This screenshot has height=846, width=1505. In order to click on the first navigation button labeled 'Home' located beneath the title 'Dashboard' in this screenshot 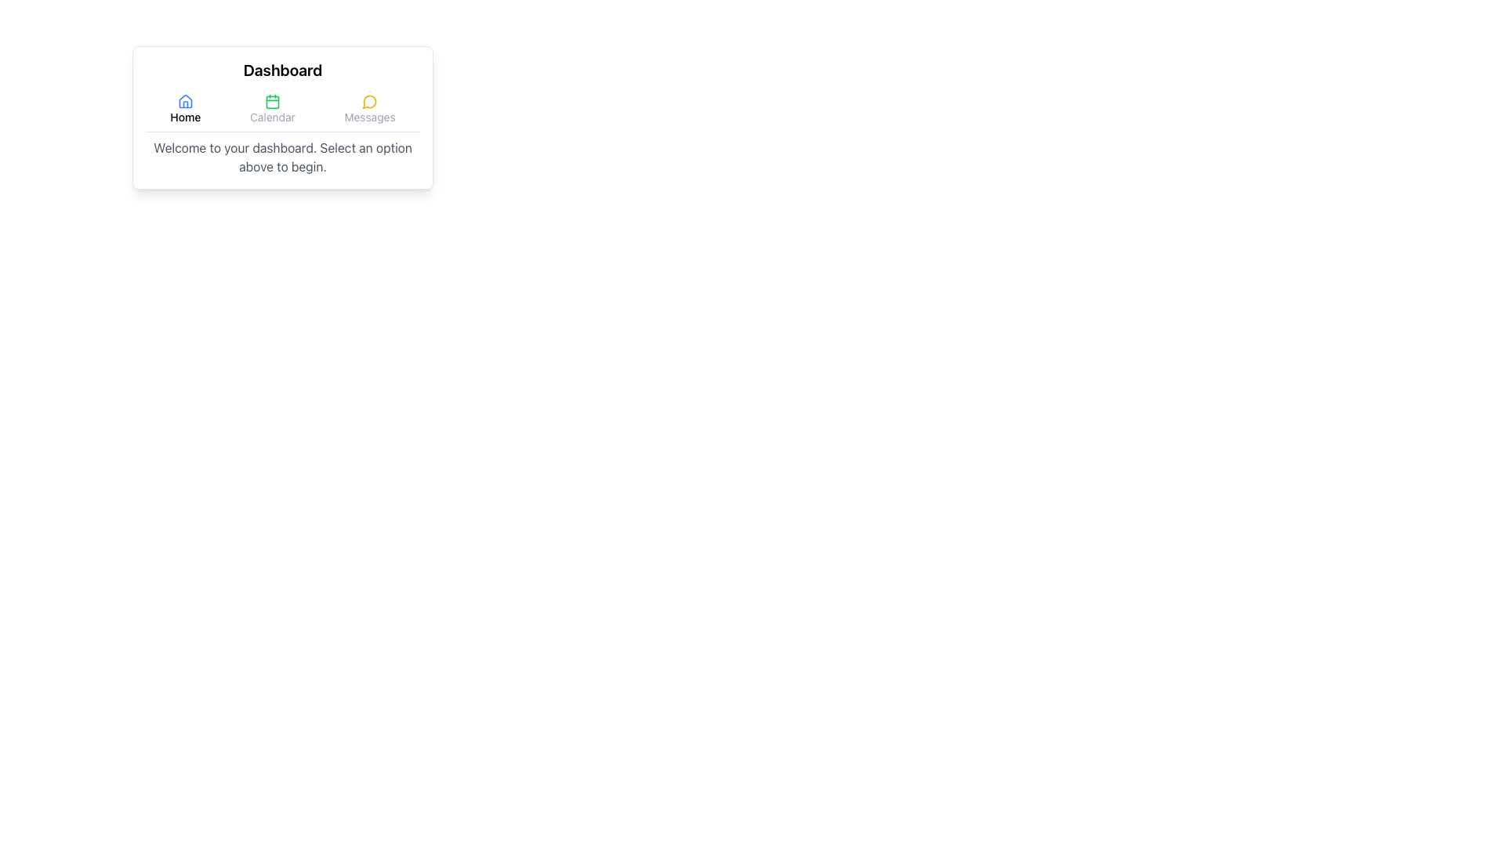, I will do `click(185, 108)`.